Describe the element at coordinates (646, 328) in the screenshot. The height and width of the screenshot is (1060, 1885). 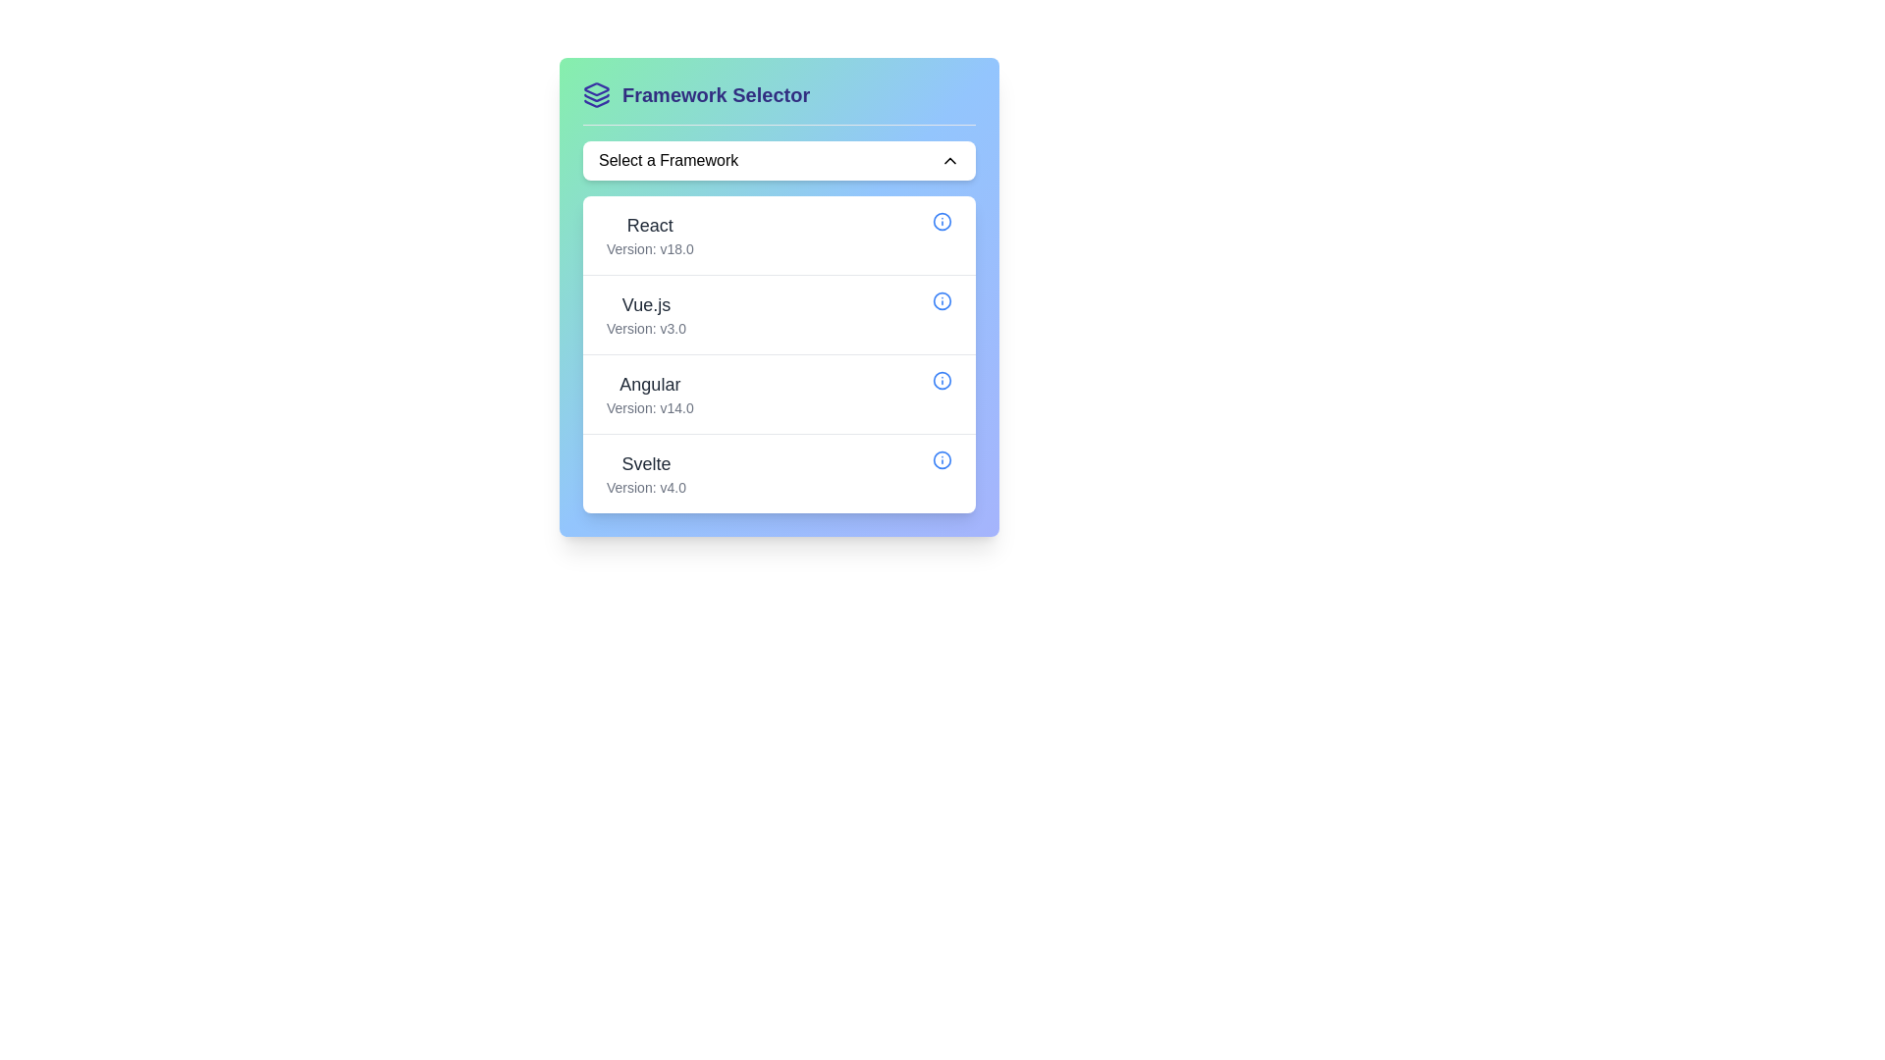
I see `the static text label displaying the version number 'v3.0' of the 'Vue.js' framework, which is positioned beneath the 'Vue.js' text in the framework selector list` at that location.